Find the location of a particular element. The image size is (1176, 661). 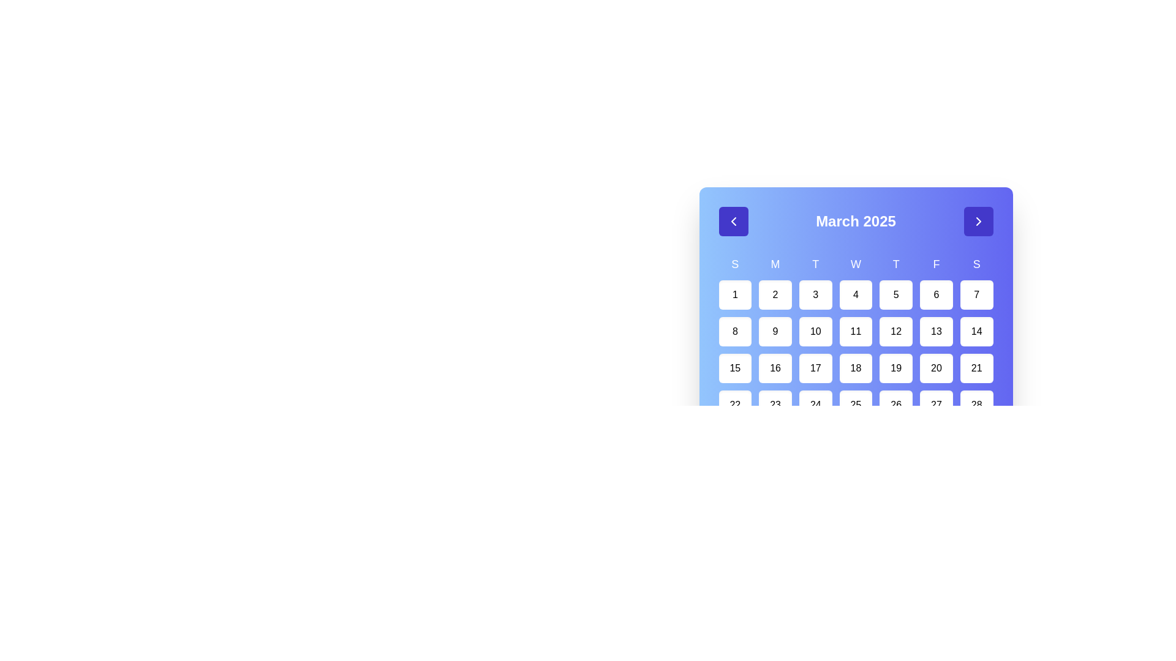

the clickable calendar date button representing the 17th day of the displayed month located in the third column of the third row under the 'T' column header is located at coordinates (815, 367).